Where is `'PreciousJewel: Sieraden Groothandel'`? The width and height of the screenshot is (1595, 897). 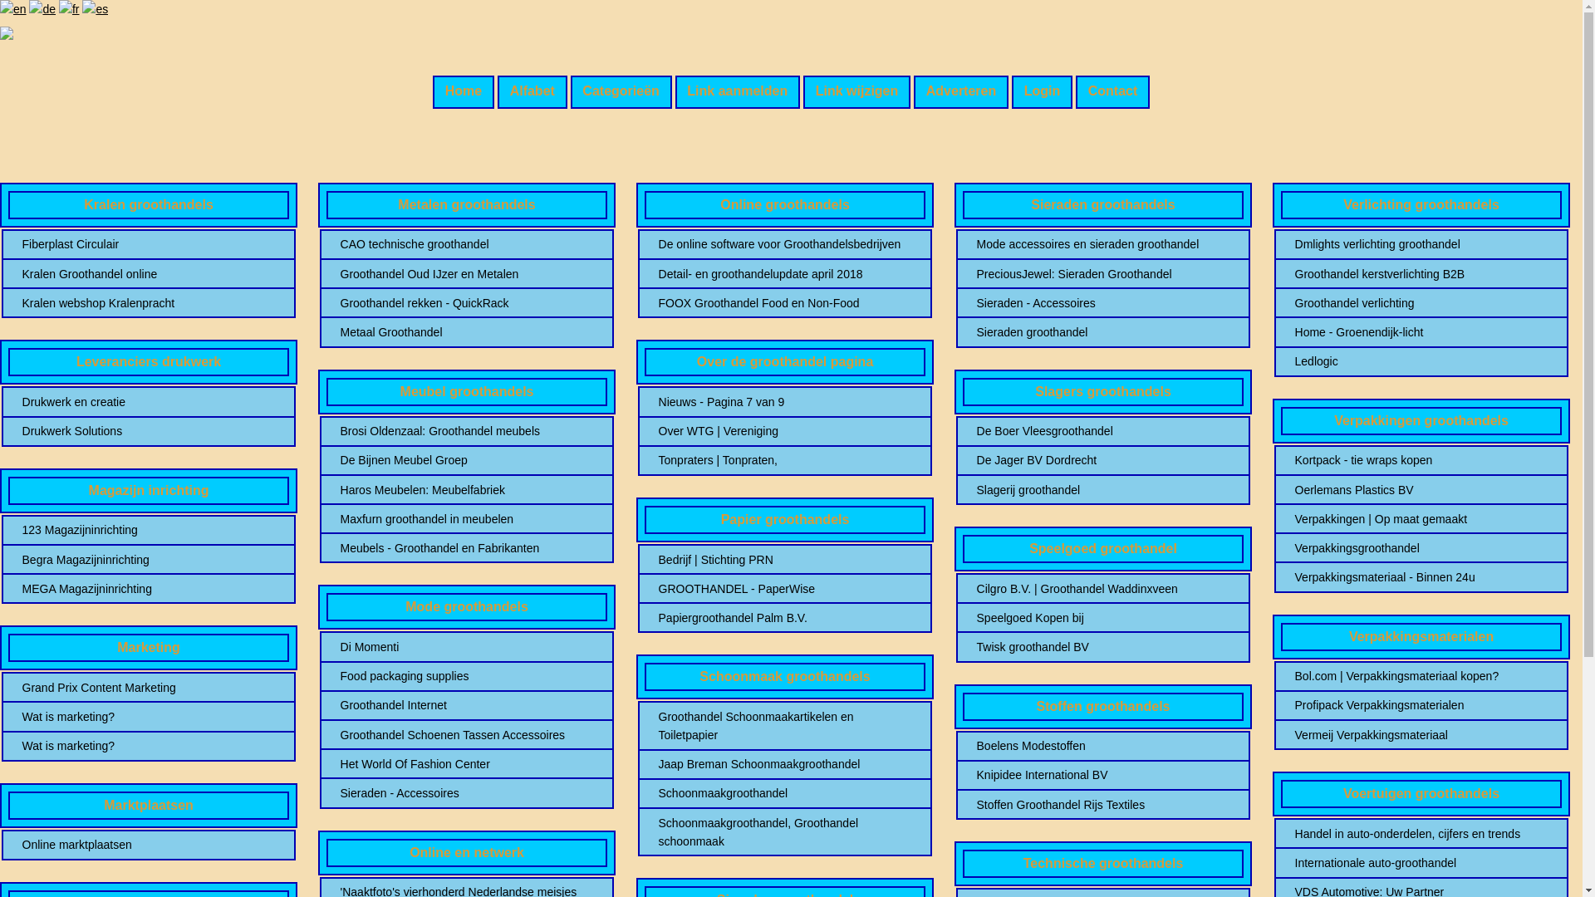 'PreciousJewel: Sieraden Groothandel' is located at coordinates (1103, 273).